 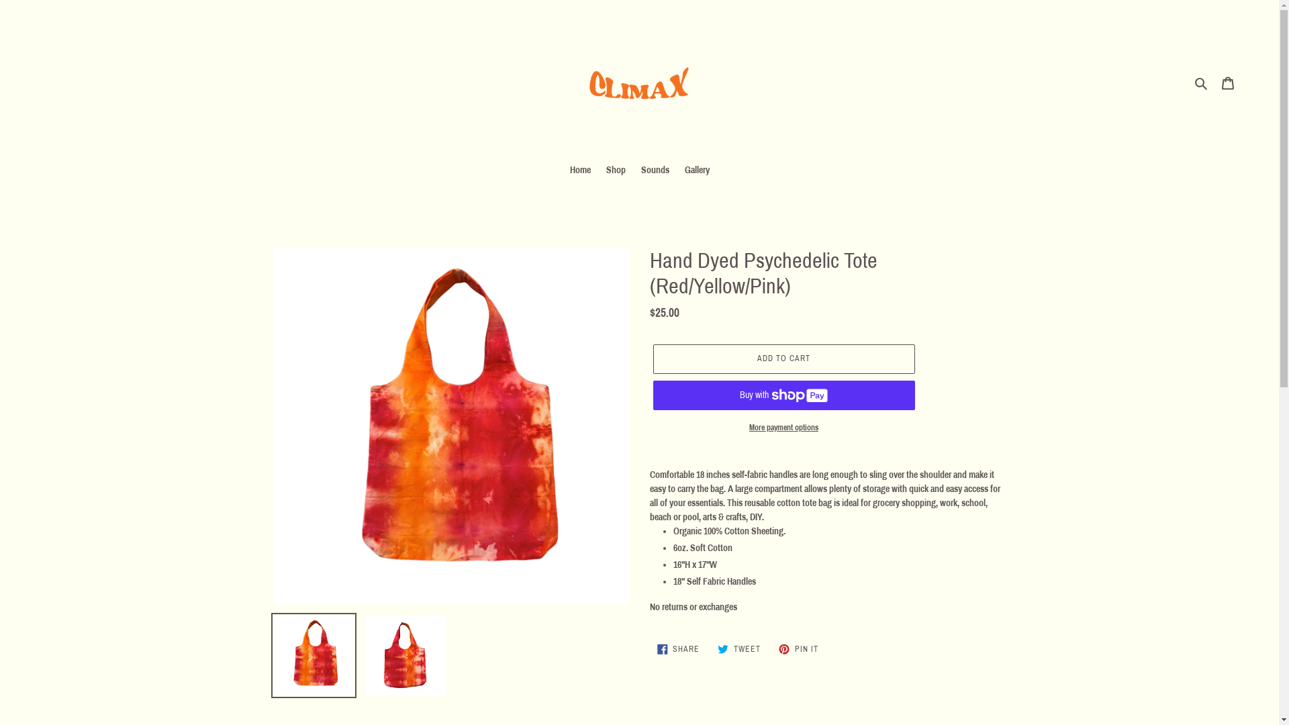 I want to click on 'Cart', so click(x=1227, y=83).